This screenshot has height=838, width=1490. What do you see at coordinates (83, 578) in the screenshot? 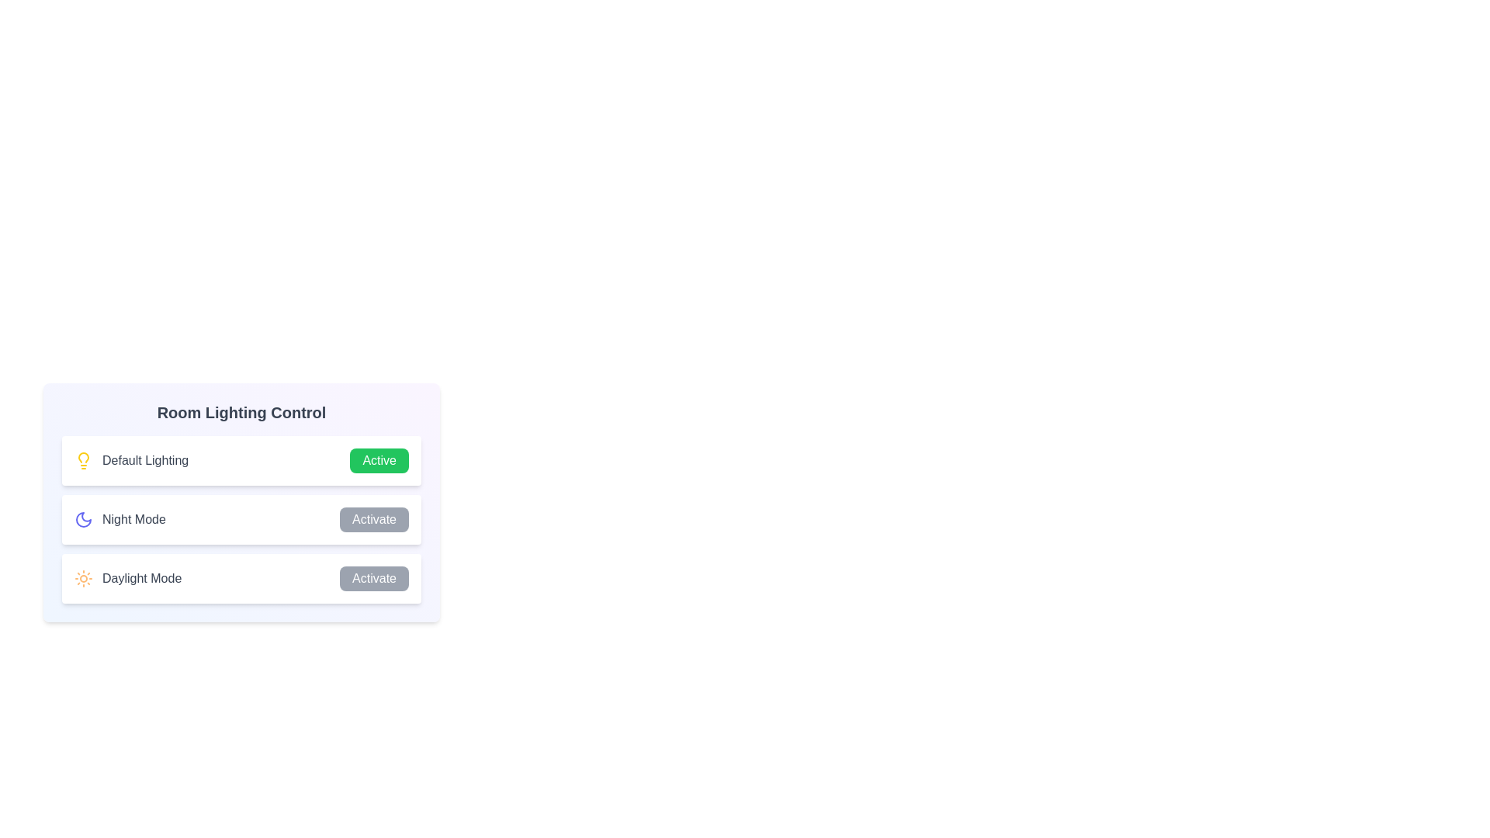
I see `the icon representing the lighting mode Daylight Mode` at bounding box center [83, 578].